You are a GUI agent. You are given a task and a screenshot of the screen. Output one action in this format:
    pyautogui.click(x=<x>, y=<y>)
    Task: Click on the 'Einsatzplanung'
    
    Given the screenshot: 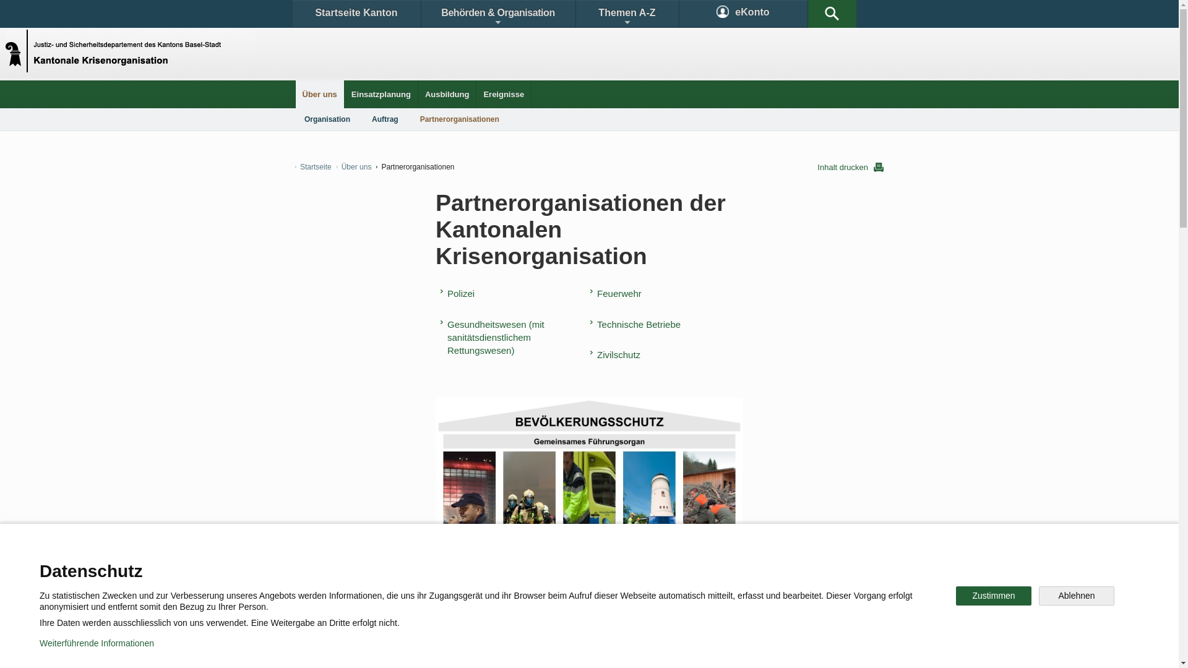 What is the action you would take?
    pyautogui.click(x=380, y=93)
    